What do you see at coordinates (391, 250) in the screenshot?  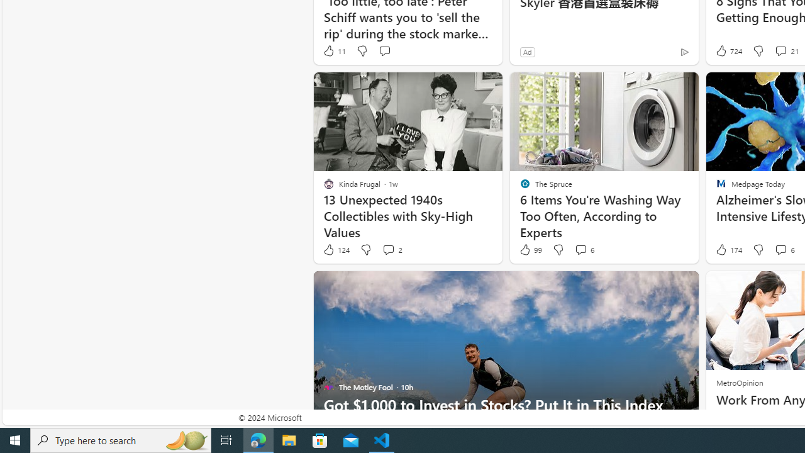 I see `'View comments 2 Comment'` at bounding box center [391, 250].